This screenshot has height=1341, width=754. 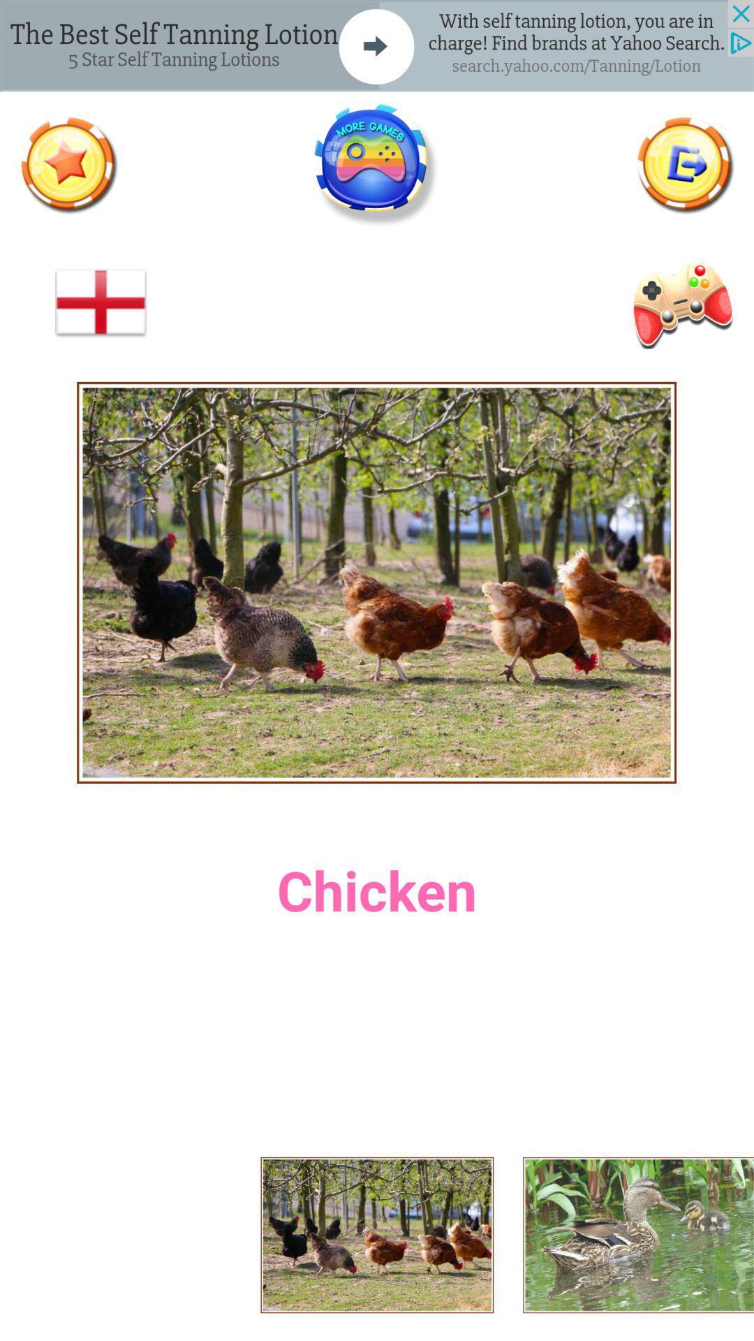 What do you see at coordinates (680, 302) in the screenshot?
I see `video game` at bounding box center [680, 302].